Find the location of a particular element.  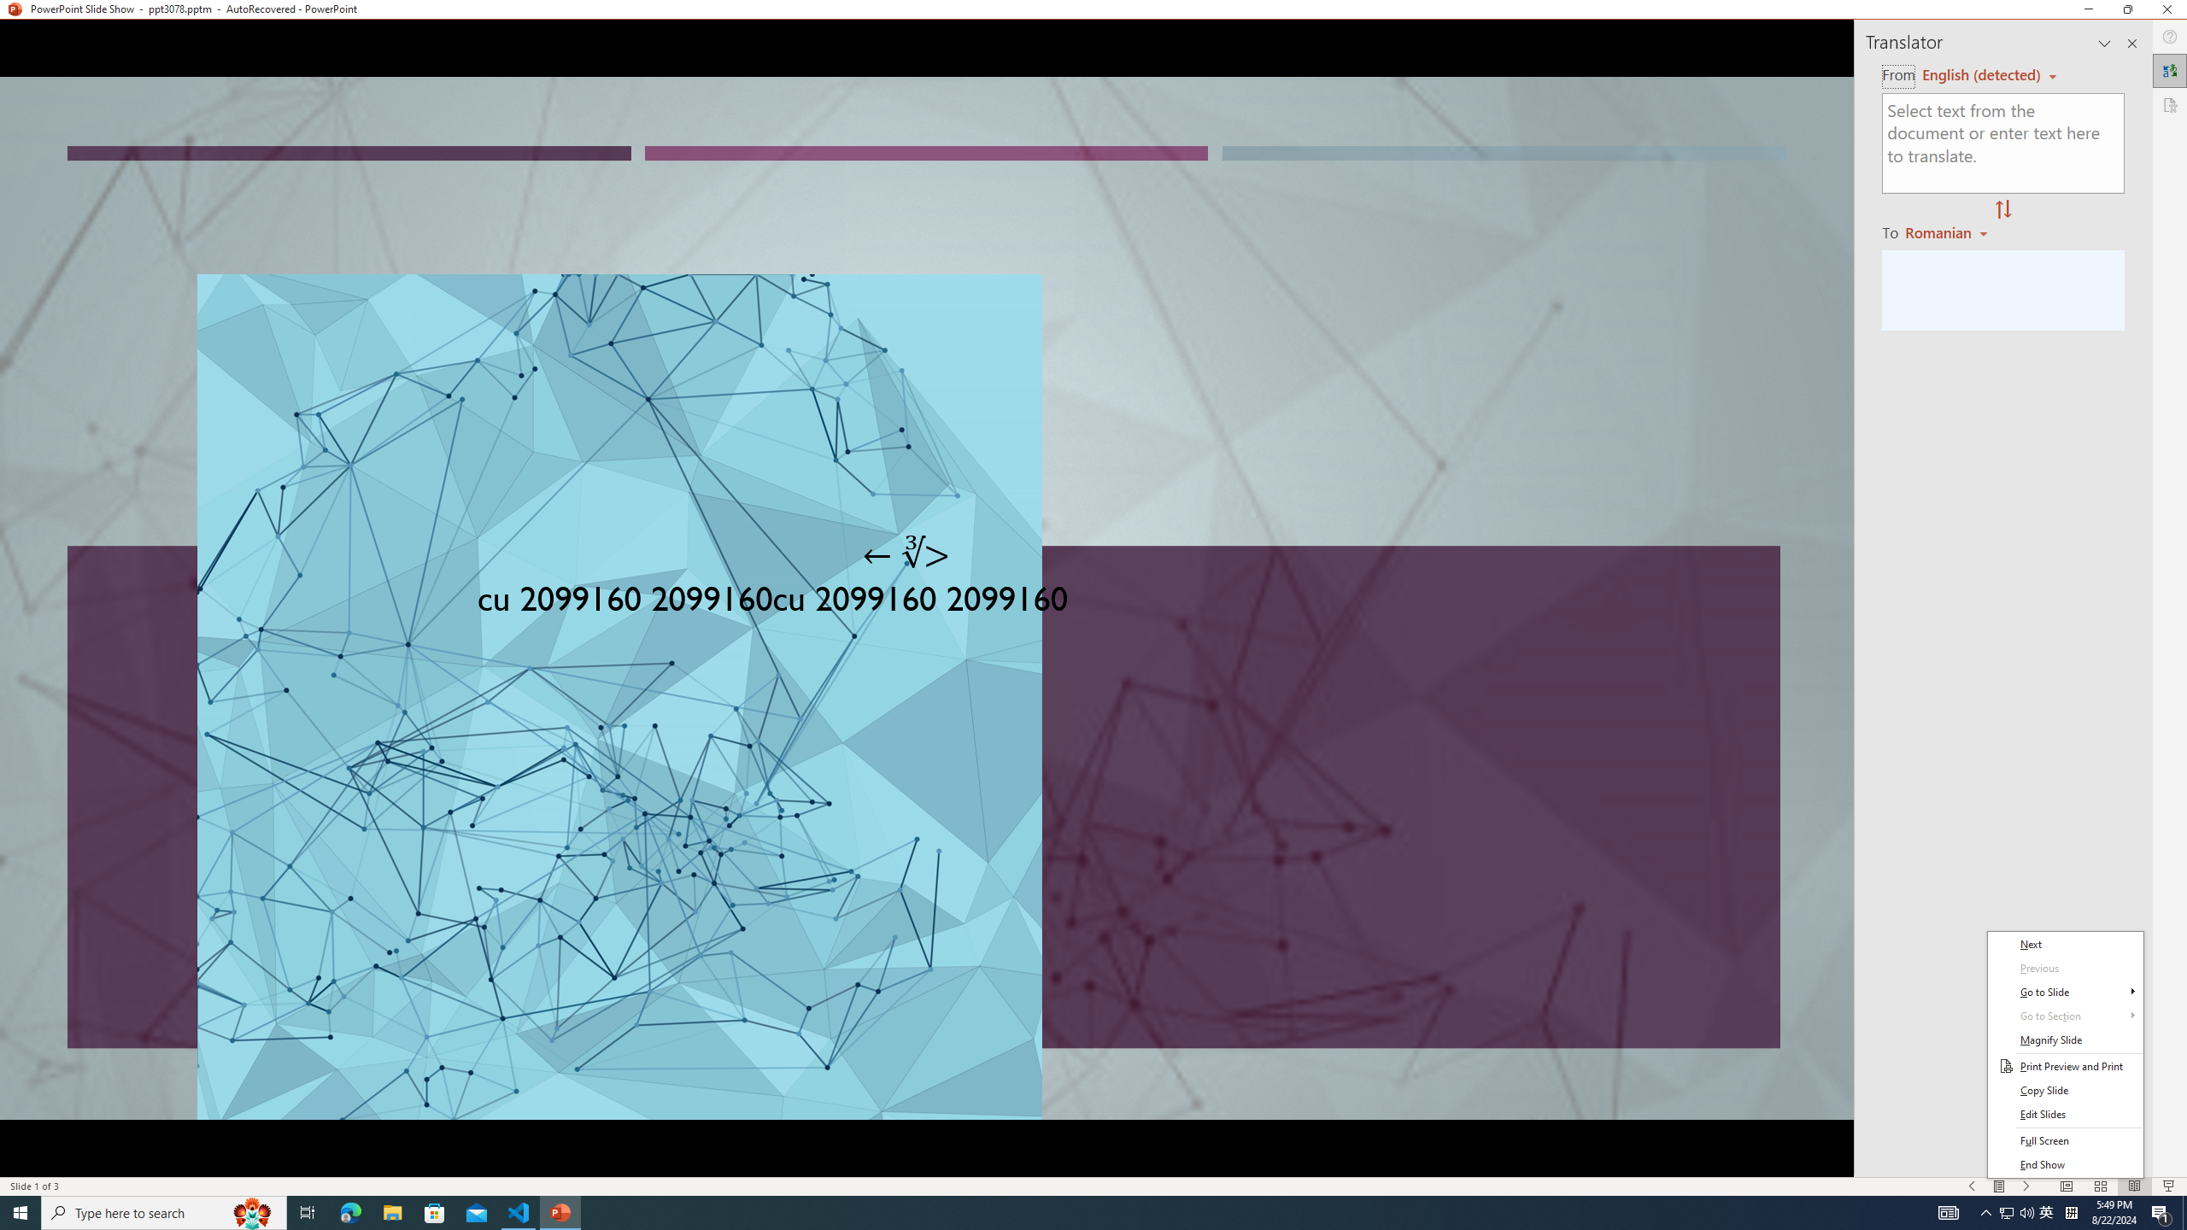

'Edit Slides' is located at coordinates (2065, 1115).